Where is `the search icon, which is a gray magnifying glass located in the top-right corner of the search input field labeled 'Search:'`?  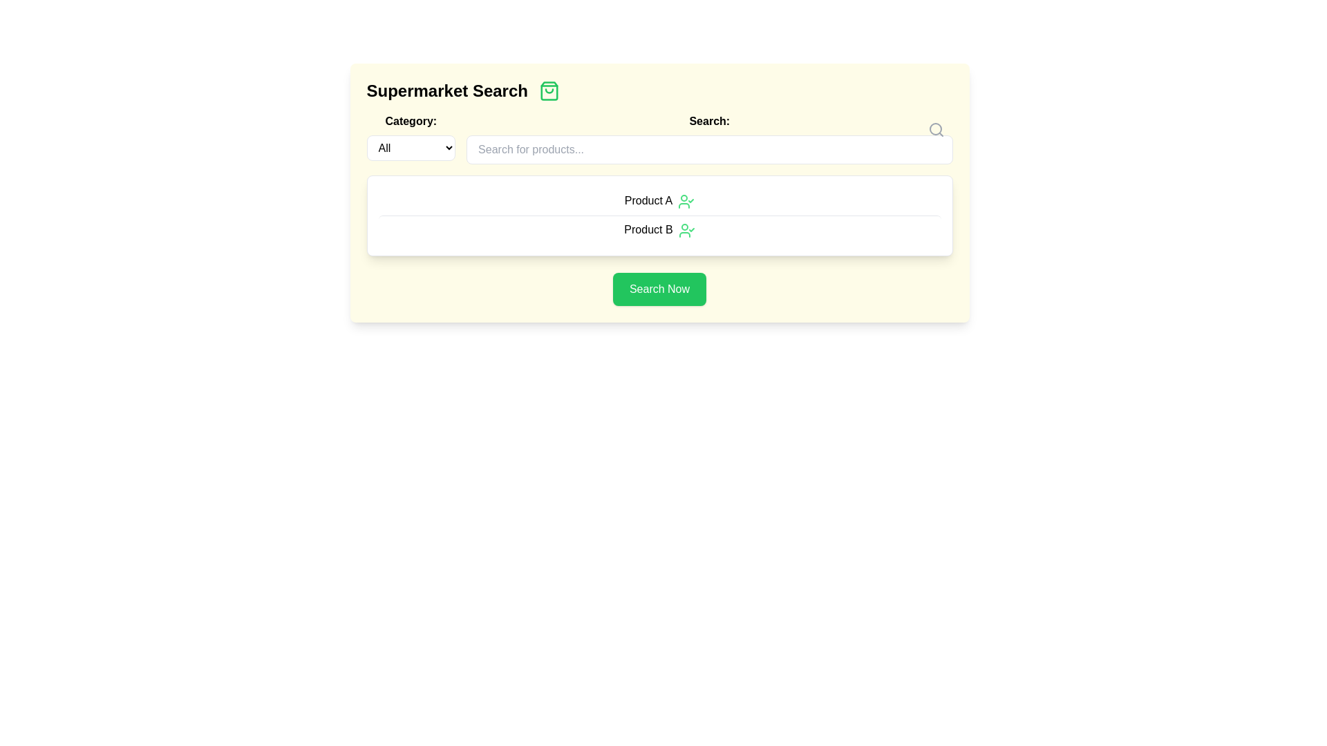
the search icon, which is a gray magnifying glass located in the top-right corner of the search input field labeled 'Search:' is located at coordinates (936, 130).